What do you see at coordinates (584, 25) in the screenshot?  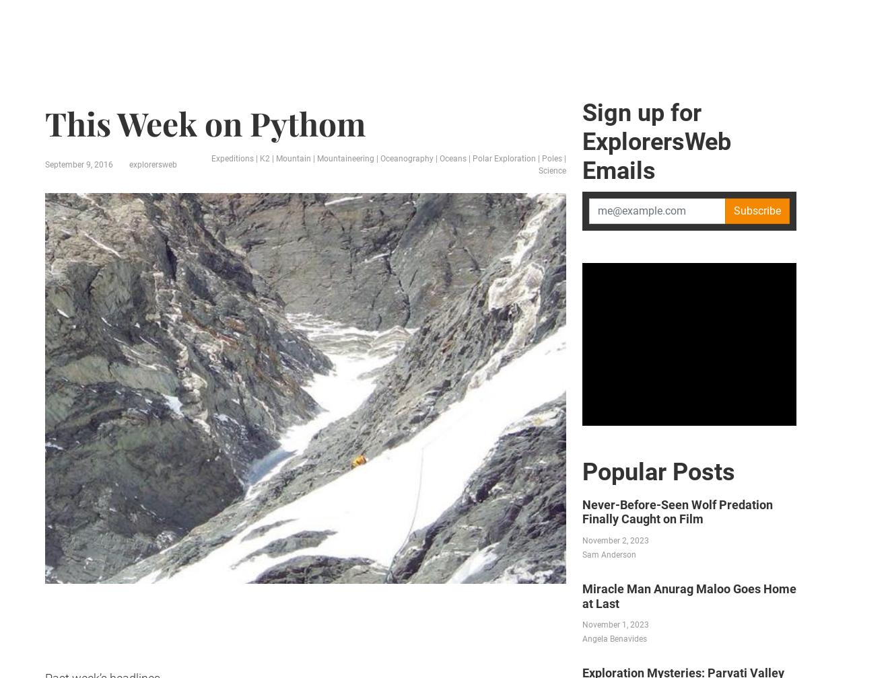 I see `'Science'` at bounding box center [584, 25].